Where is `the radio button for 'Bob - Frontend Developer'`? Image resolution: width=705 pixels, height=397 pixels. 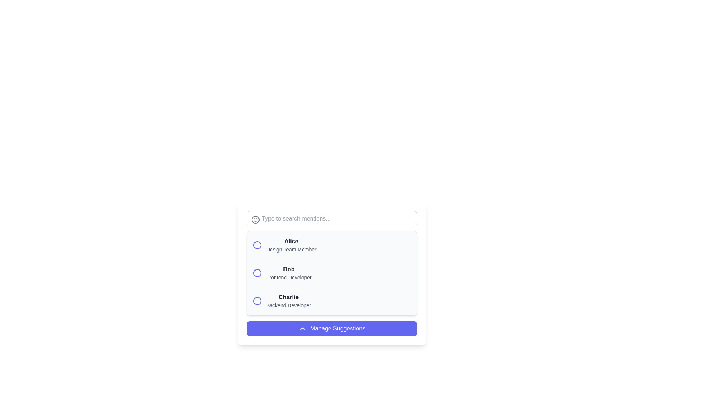
the radio button for 'Bob - Frontend Developer' is located at coordinates (257, 273).